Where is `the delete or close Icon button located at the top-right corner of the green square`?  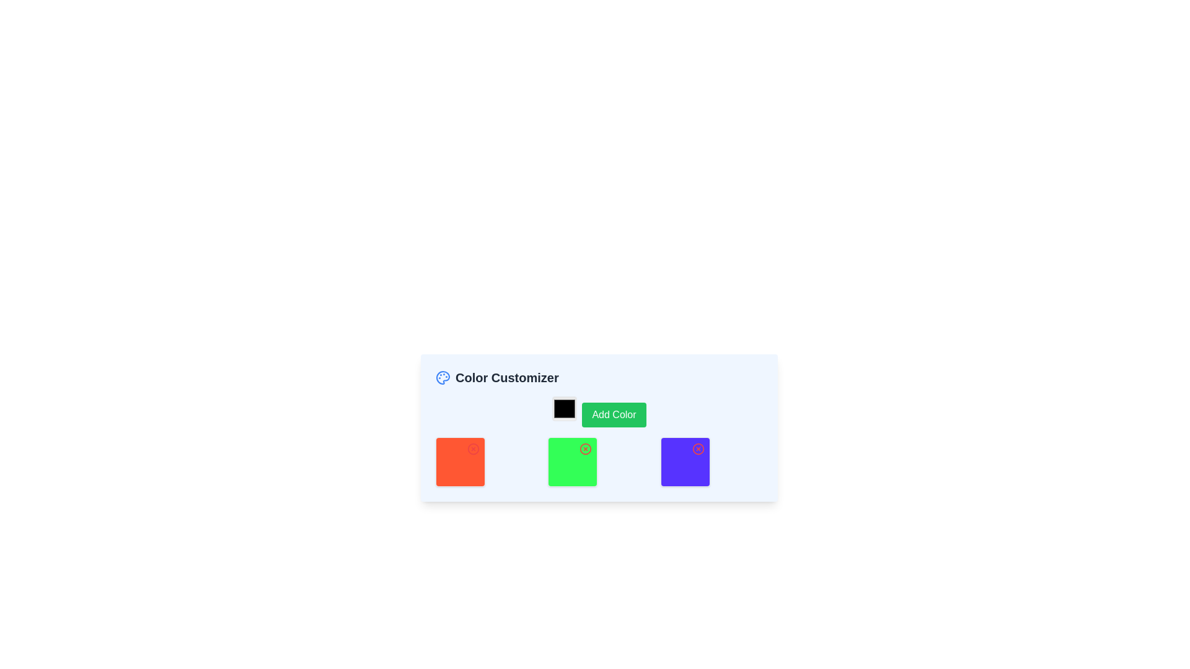 the delete or close Icon button located at the top-right corner of the green square is located at coordinates (585, 449).